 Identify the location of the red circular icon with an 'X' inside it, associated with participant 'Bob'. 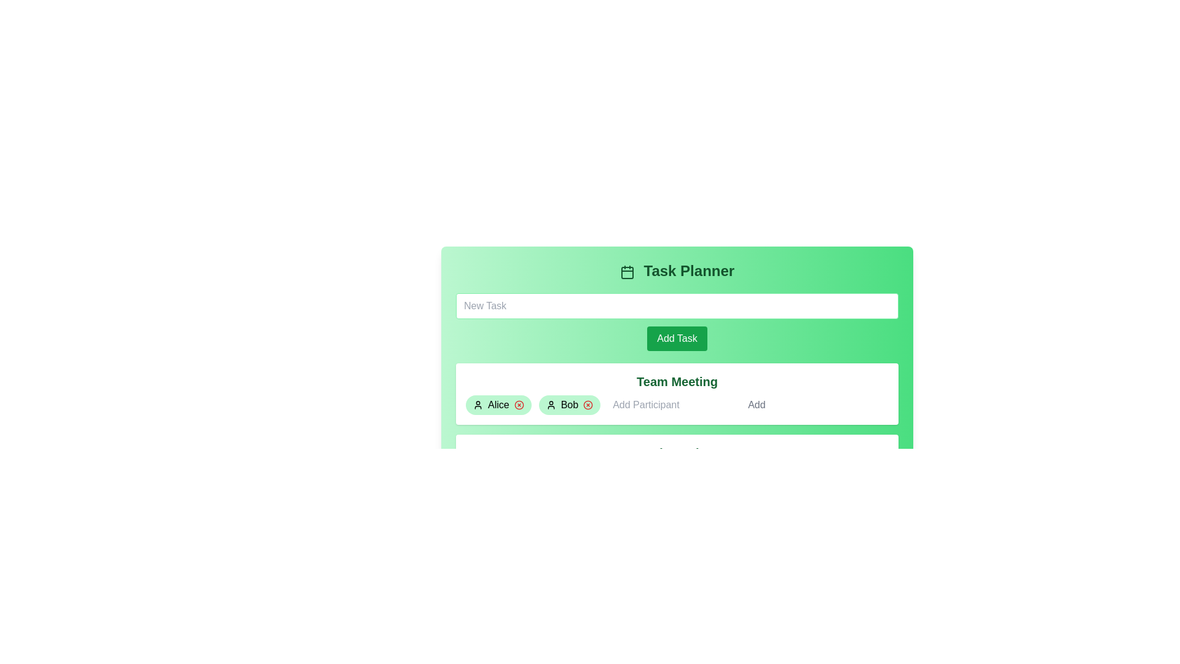
(588, 405).